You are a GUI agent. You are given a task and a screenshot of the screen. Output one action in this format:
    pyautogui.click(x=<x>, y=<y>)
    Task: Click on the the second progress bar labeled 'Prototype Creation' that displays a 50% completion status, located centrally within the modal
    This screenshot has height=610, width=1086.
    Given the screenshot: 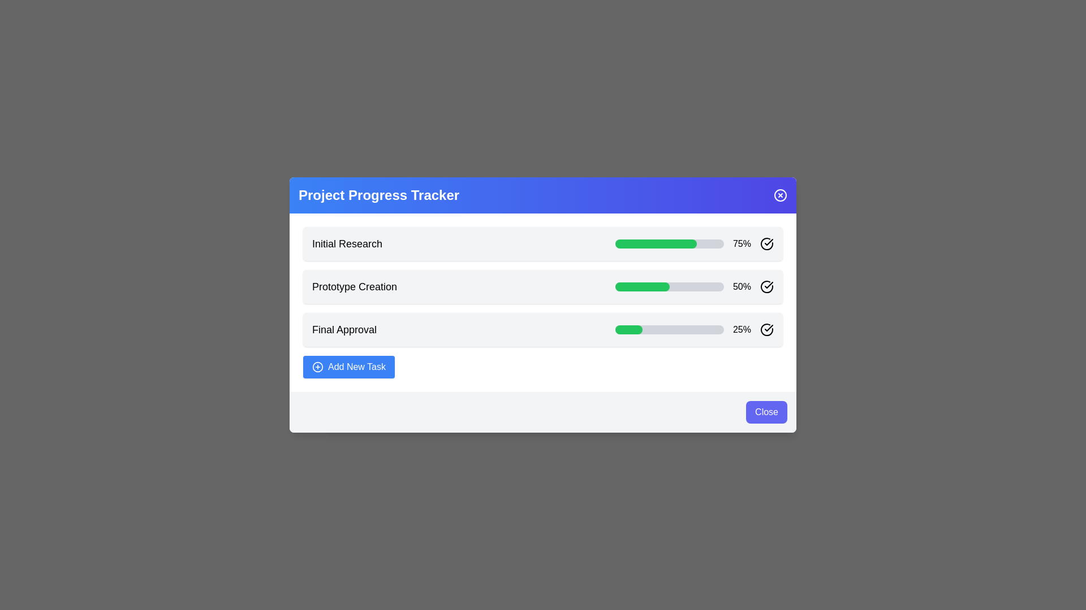 What is the action you would take?
    pyautogui.click(x=543, y=305)
    